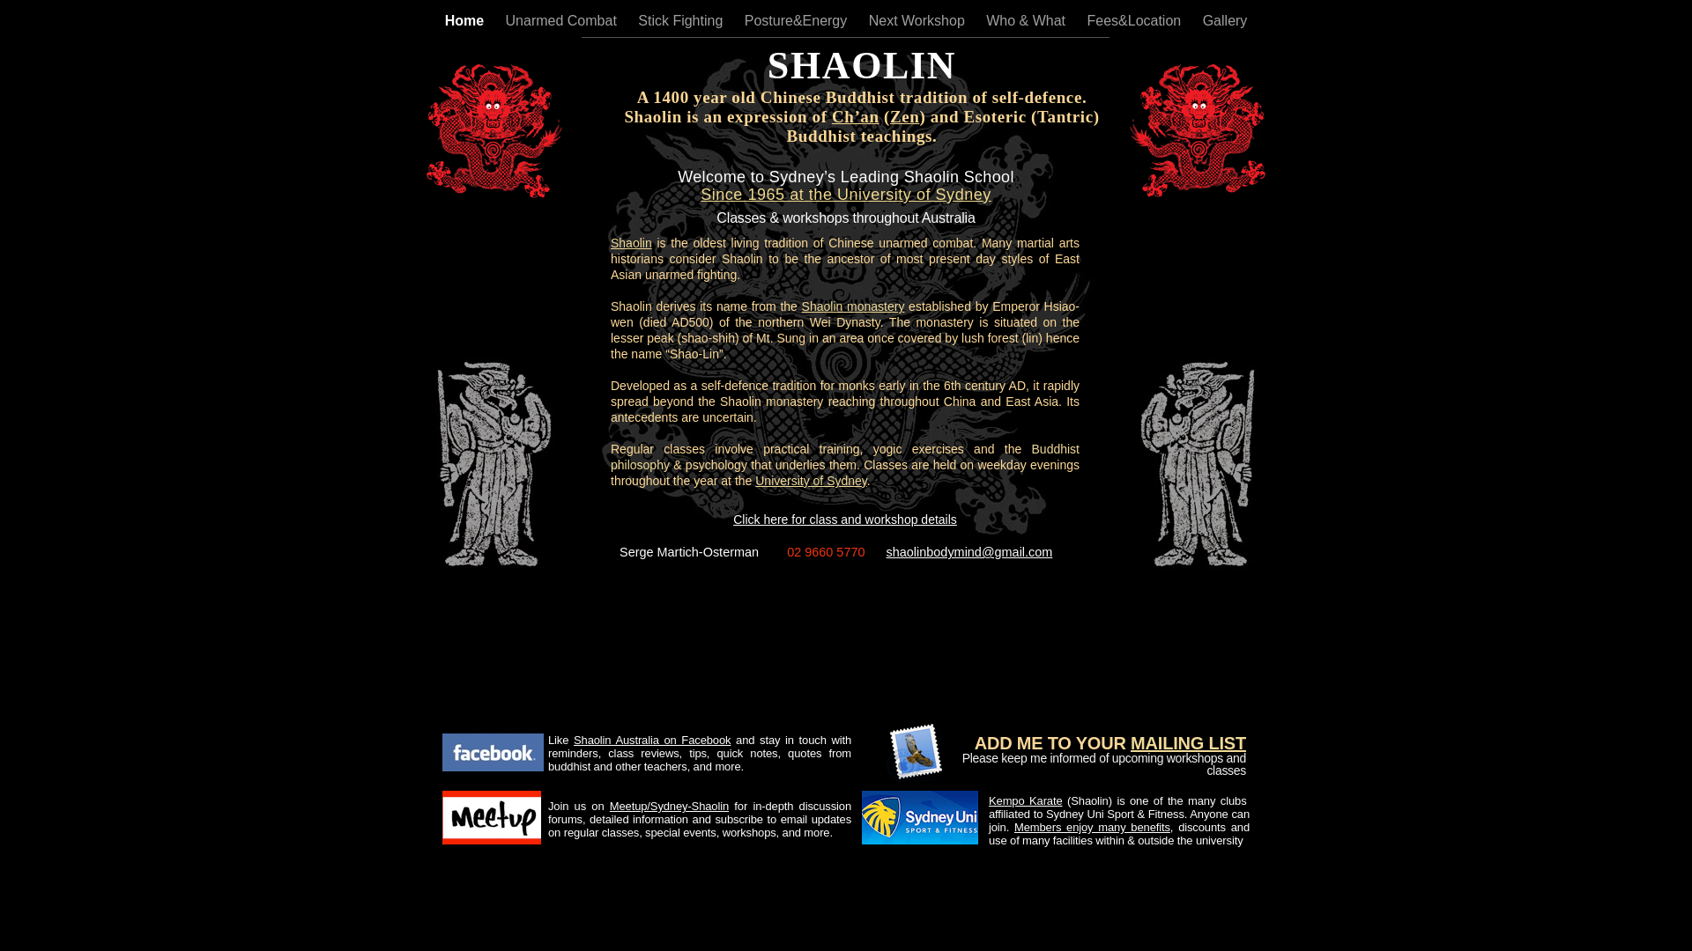  I want to click on 'Fees&Location', so click(1135, 20).